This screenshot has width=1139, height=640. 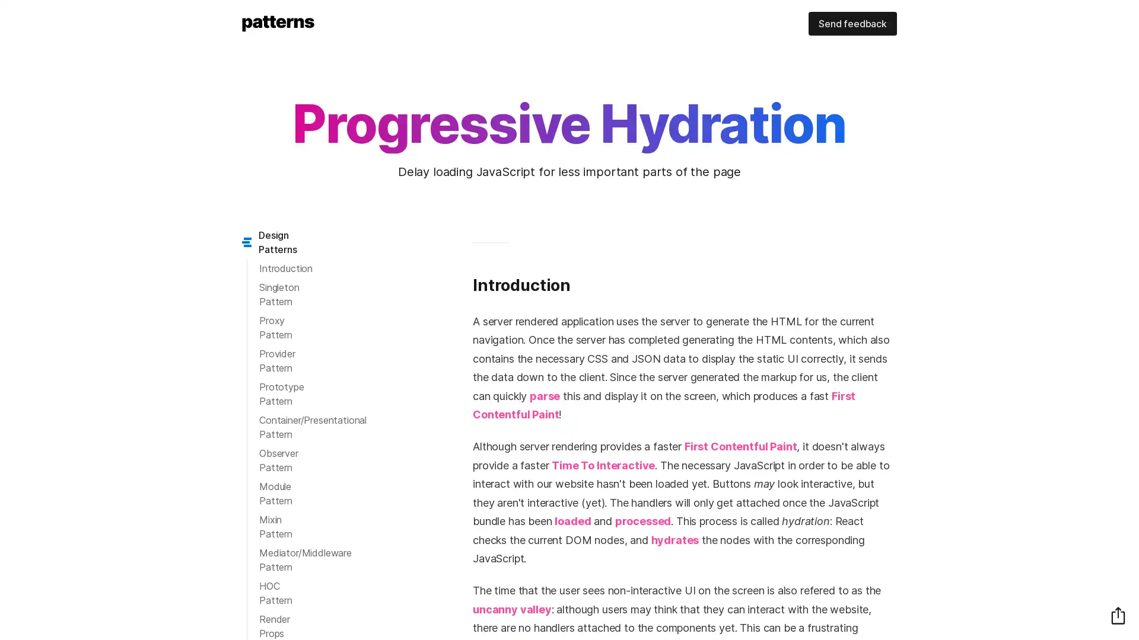 I want to click on Share, so click(x=1118, y=615).